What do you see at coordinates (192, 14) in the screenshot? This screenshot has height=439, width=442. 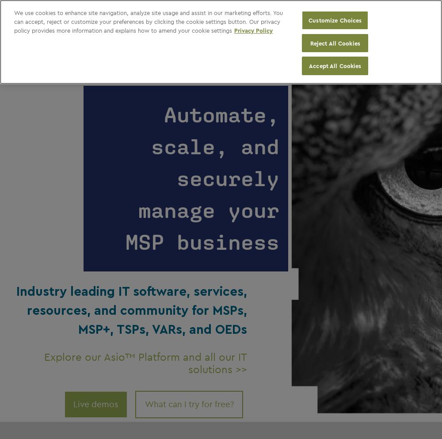 I see `'Cybersecurity Center'` at bounding box center [192, 14].